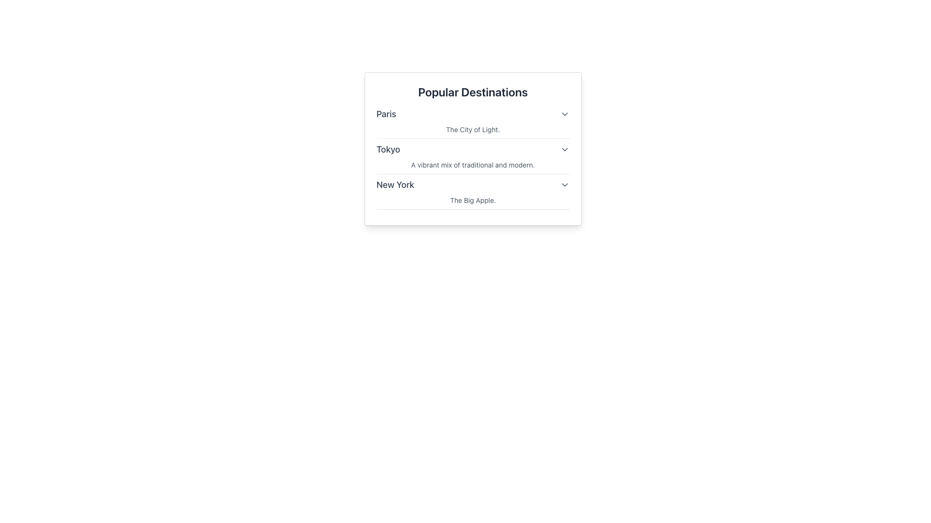 The height and width of the screenshot is (523, 931). Describe the element at coordinates (564, 113) in the screenshot. I see `the chevron-down icon located to the right of the text 'Paris'` at that location.